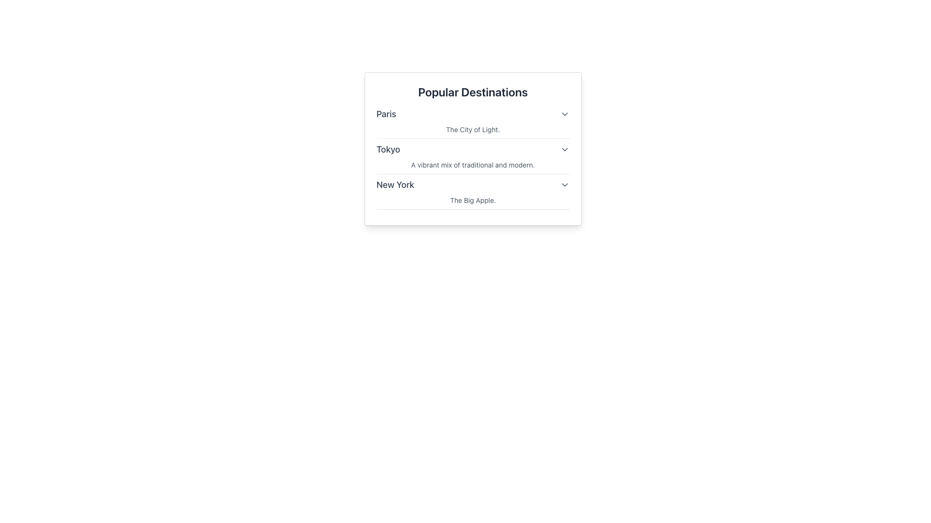 The height and width of the screenshot is (523, 931). Describe the element at coordinates (564, 113) in the screenshot. I see `the chevron-down icon located to the right of the text 'Paris'` at that location.